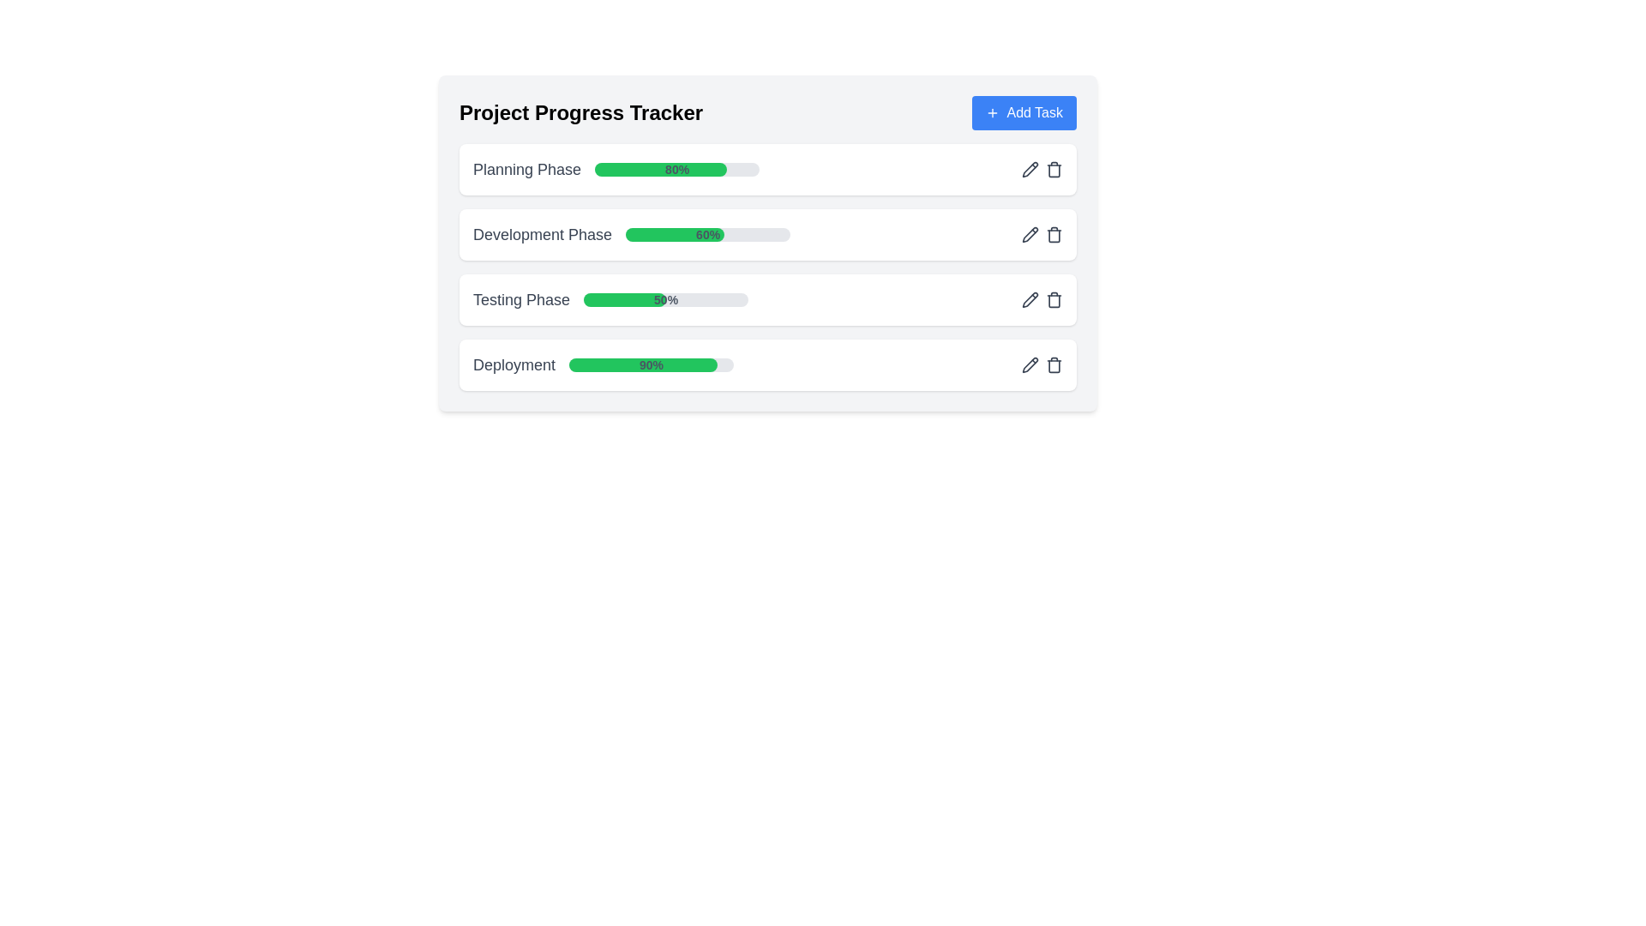  Describe the element at coordinates (993, 112) in the screenshot. I see `the design of the decorative icon located to the left of the 'Add Task' button's label in the top-right corner of the interface` at that location.